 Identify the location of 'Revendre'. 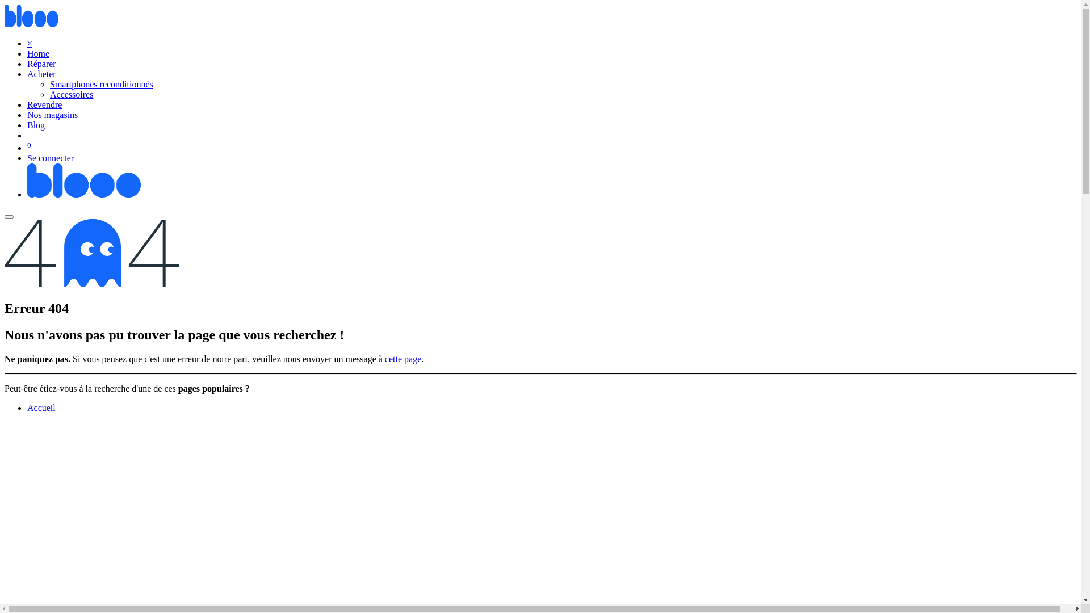
(44, 104).